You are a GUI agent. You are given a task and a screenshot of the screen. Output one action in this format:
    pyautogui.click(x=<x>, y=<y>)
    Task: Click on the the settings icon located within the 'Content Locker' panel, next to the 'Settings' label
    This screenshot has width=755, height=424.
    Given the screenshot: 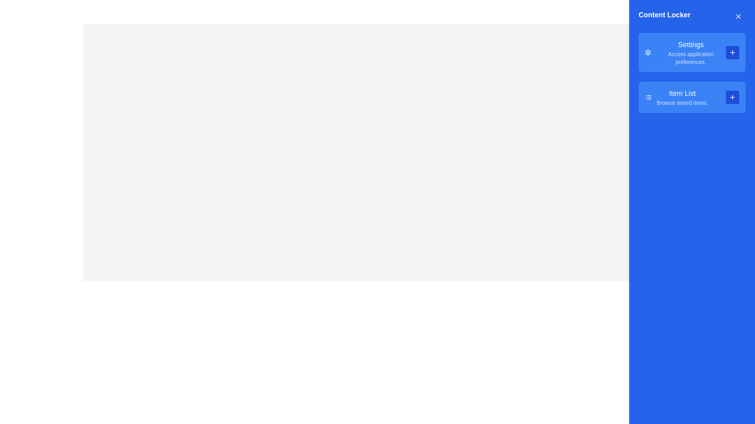 What is the action you would take?
    pyautogui.click(x=648, y=53)
    